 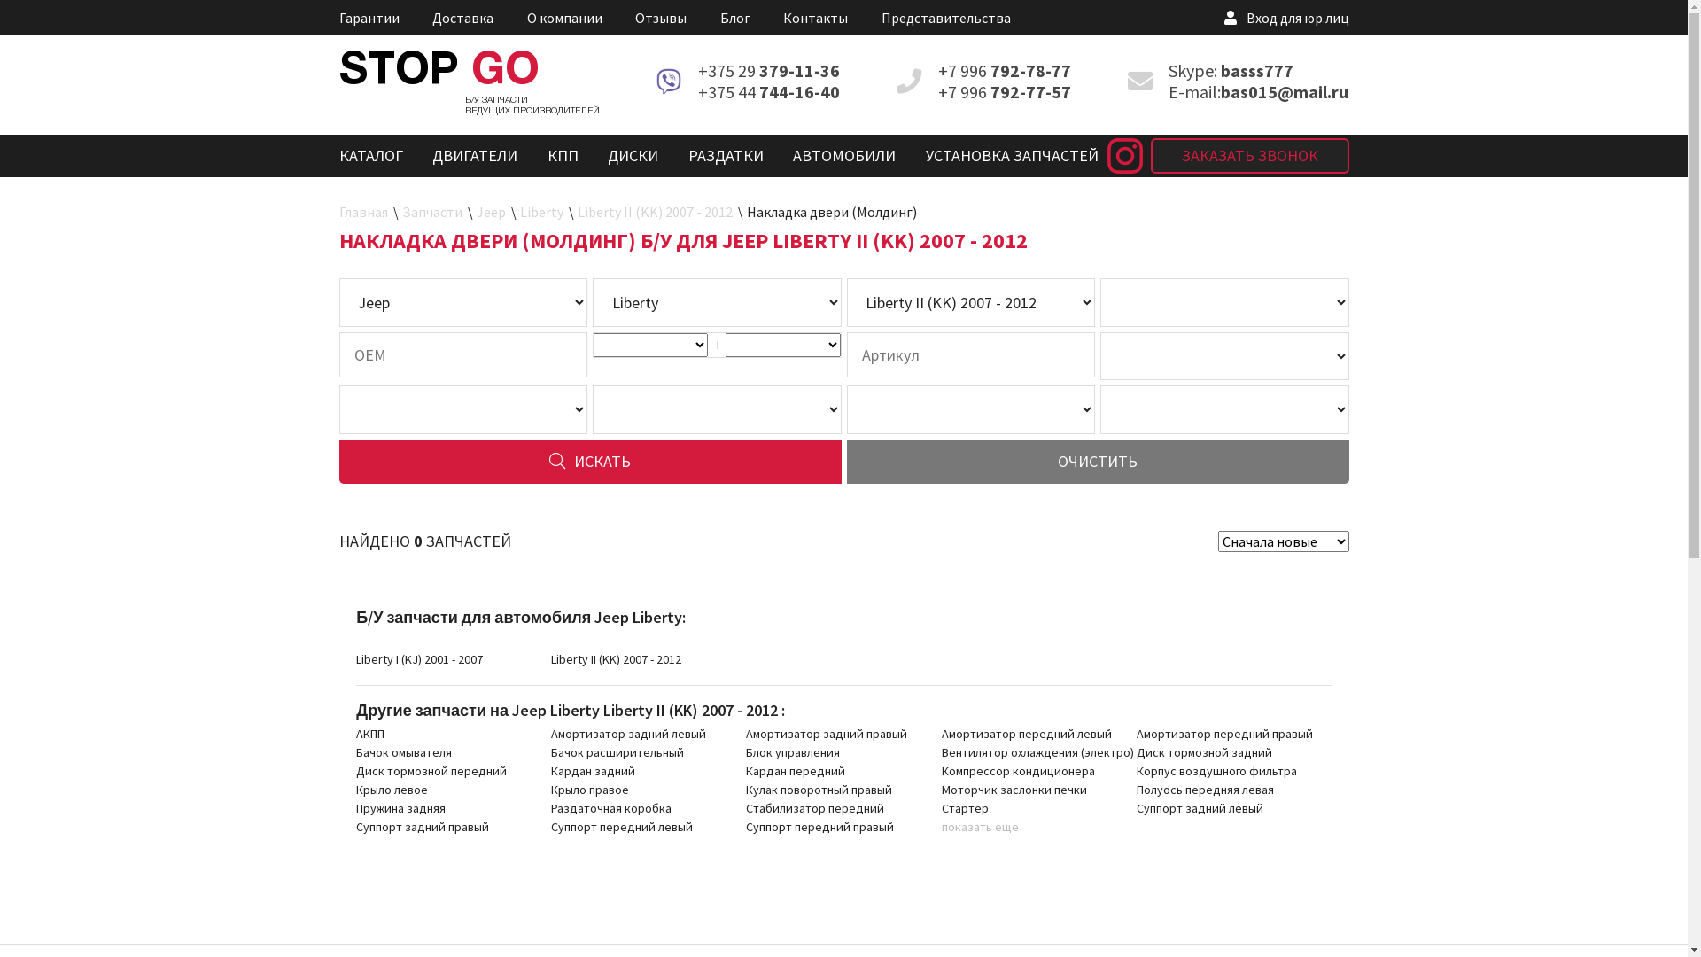 I want to click on 'bas015@mail.ru', so click(x=1284, y=91).